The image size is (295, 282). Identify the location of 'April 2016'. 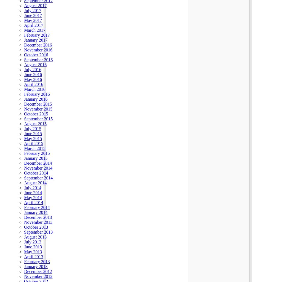
(24, 84).